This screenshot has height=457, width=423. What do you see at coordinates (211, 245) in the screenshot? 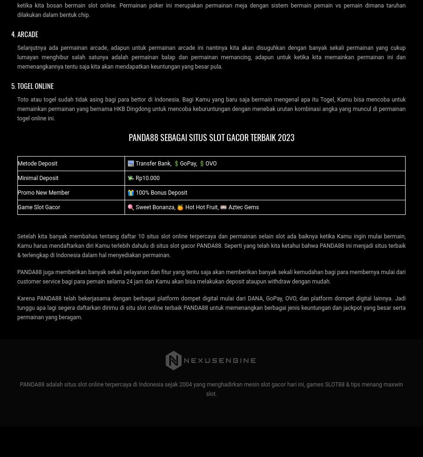
I see `'Setelah kita banyak membahas tentang daftar 10 situs slot online terpercaya dan permainan selain slot ada baiknya ketika Kamu ingin mulai bermain, Kamu harus mendaftarkan diri Kamu terlebih dahulu di situs slot gacor PANDA88. Seperti yang telah kita ketahui bahwa PANDA88 ini menjadi situs terbaik & terlengkap di Indonesia dalam hal menyediakan permainan.'` at bounding box center [211, 245].